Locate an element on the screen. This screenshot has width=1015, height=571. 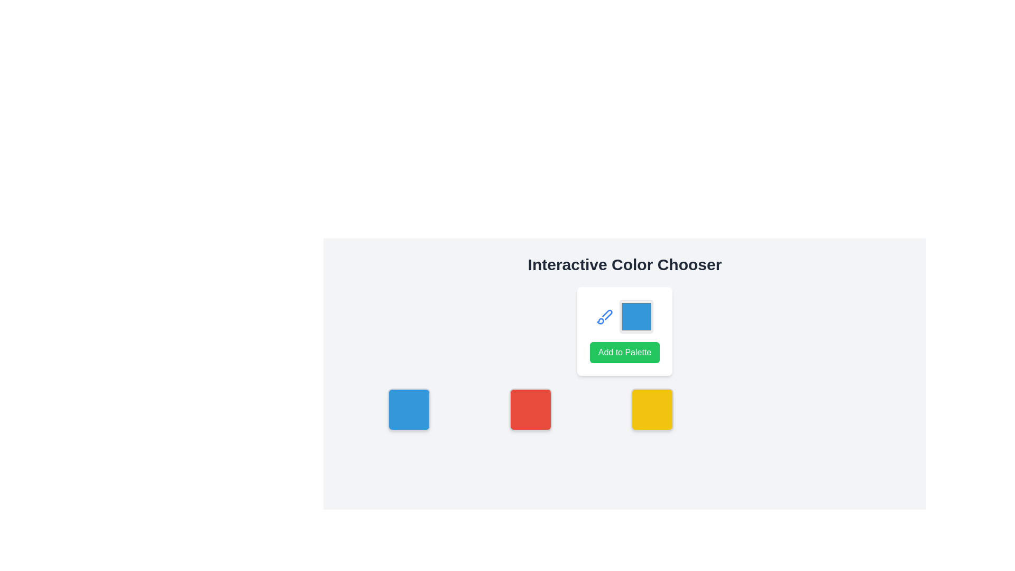
the first blue square box in the Interactive Color Chooser to make a selection is located at coordinates (408, 409).